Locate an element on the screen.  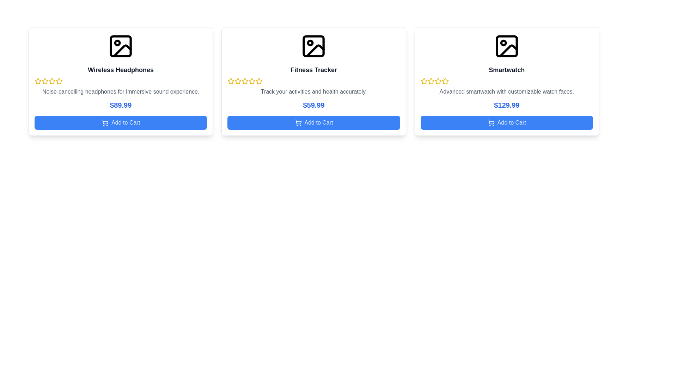
the small rectangular decorative graphical element with rounded corners located at the center-top of the 'Fitness Tracker' card is located at coordinates (313, 46).